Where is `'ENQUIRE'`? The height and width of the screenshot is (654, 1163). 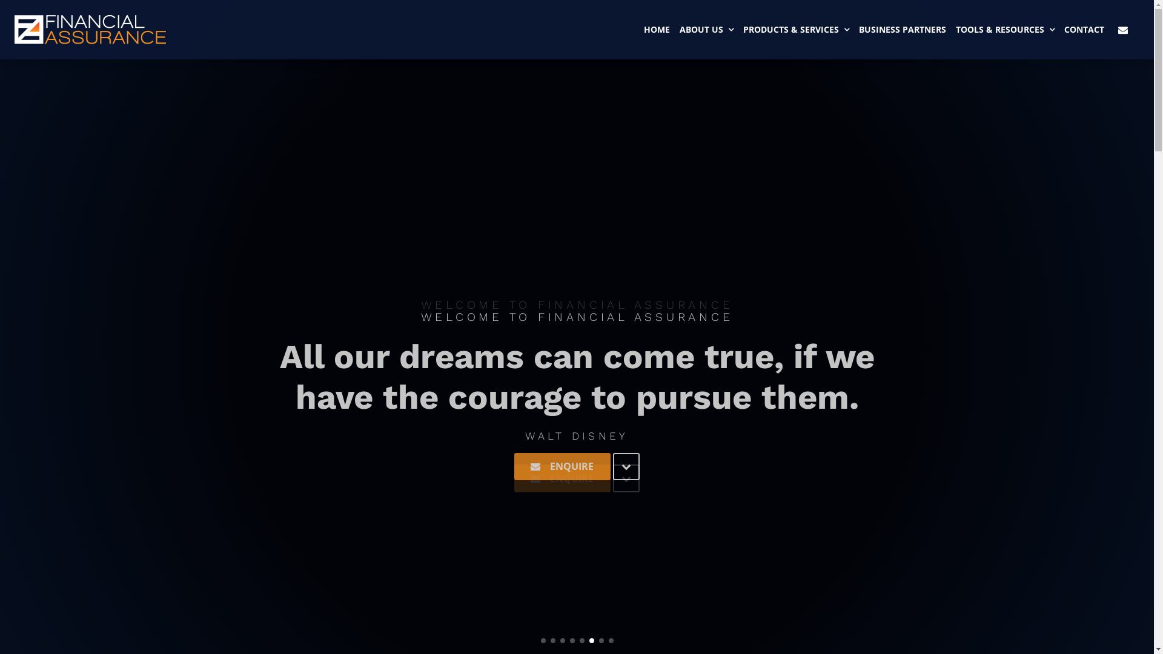
'ENQUIRE' is located at coordinates (561, 458).